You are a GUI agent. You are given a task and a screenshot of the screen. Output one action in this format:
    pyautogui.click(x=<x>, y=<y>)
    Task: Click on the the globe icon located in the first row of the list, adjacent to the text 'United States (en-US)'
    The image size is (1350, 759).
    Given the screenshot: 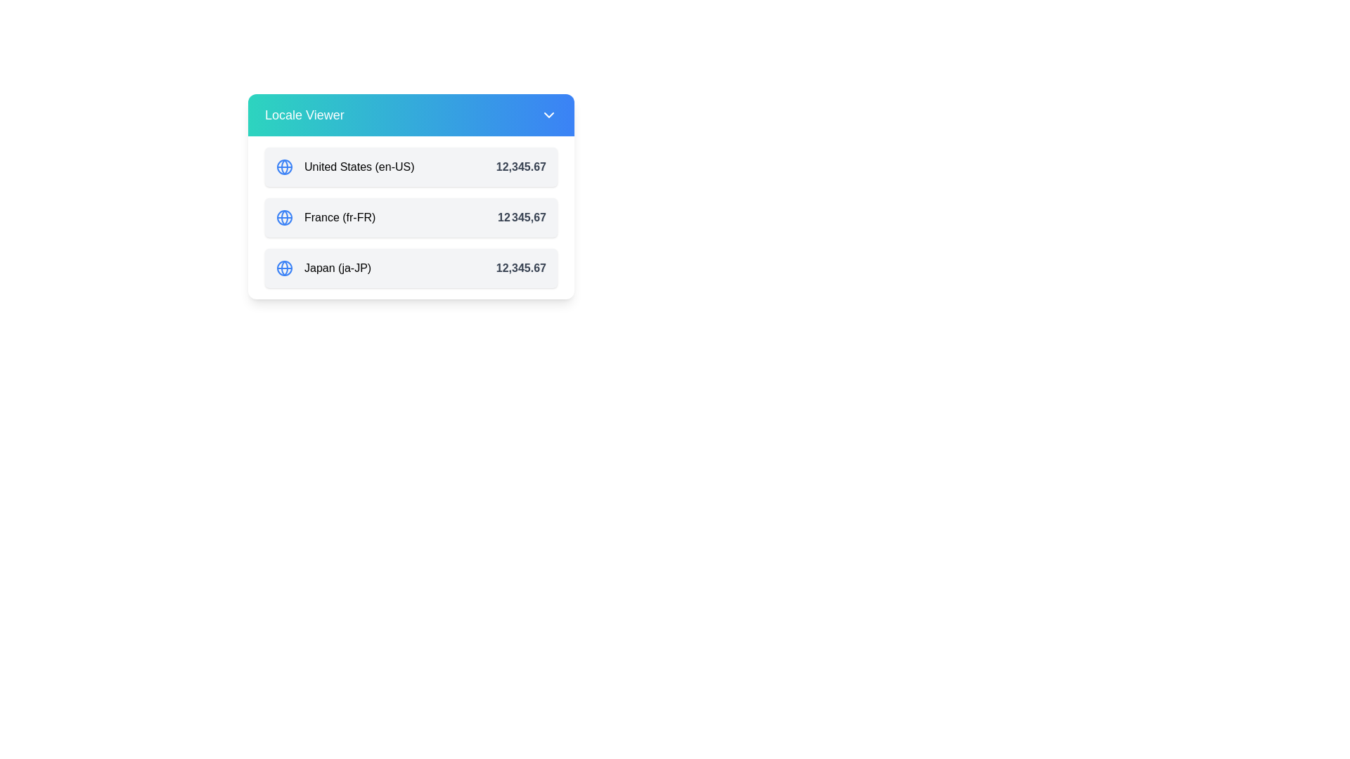 What is the action you would take?
    pyautogui.click(x=283, y=268)
    